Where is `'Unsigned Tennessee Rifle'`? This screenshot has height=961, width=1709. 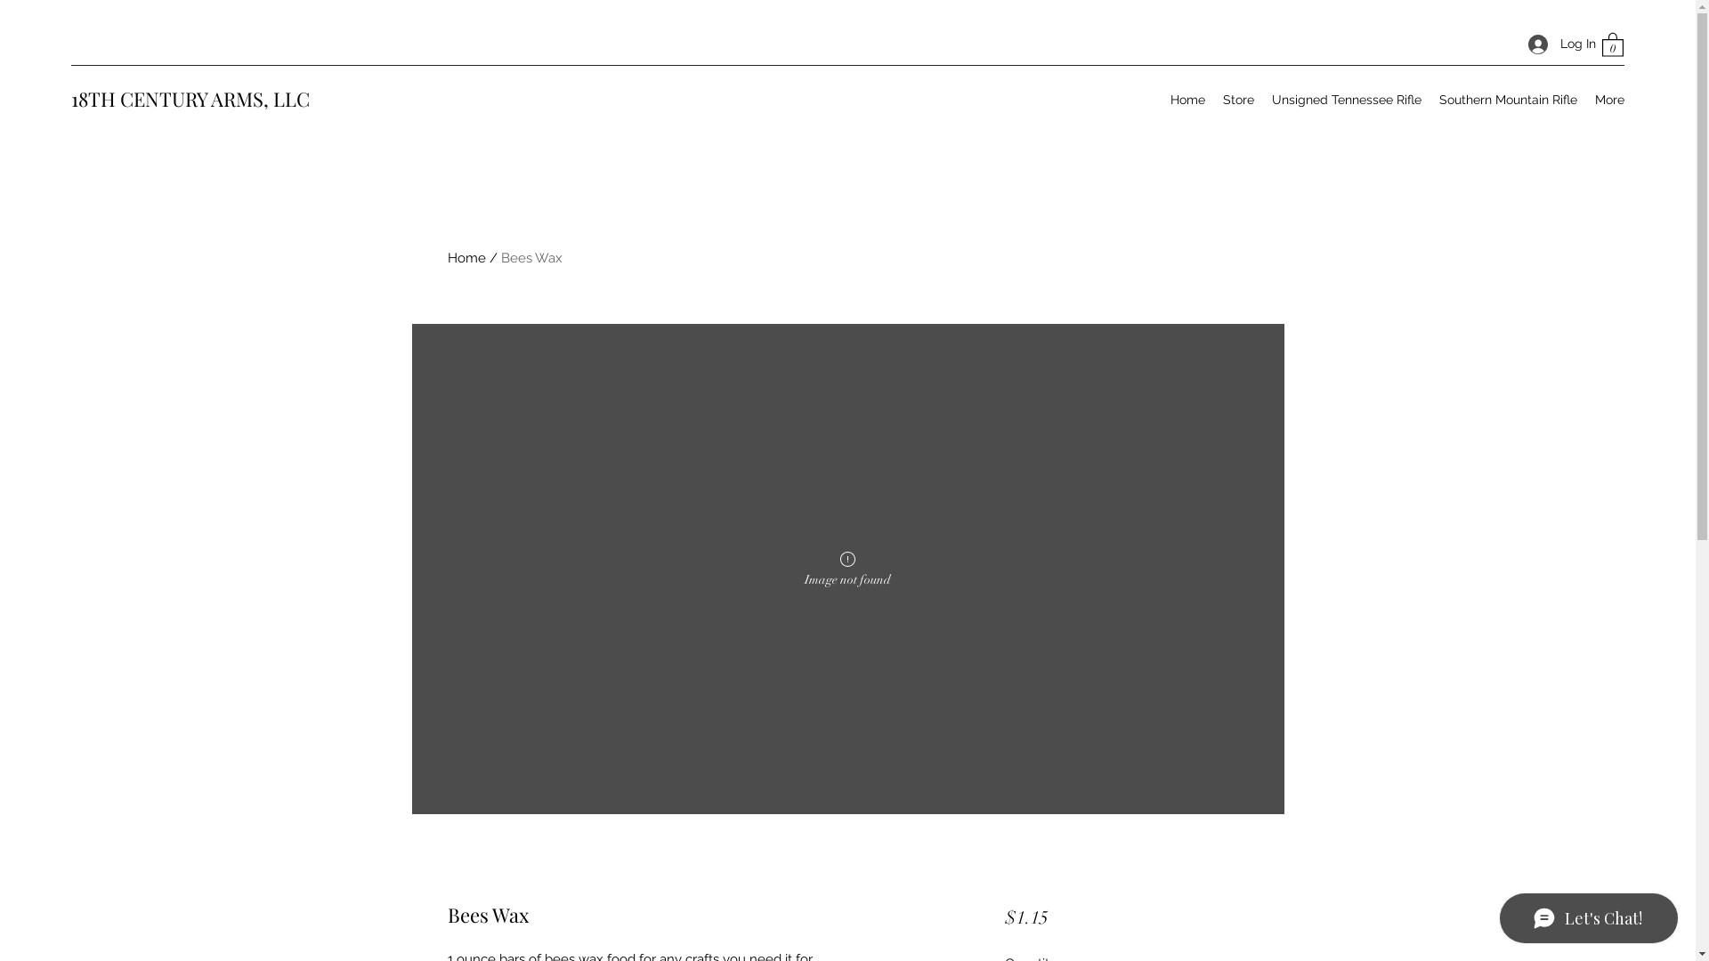 'Unsigned Tennessee Rifle' is located at coordinates (1346, 99).